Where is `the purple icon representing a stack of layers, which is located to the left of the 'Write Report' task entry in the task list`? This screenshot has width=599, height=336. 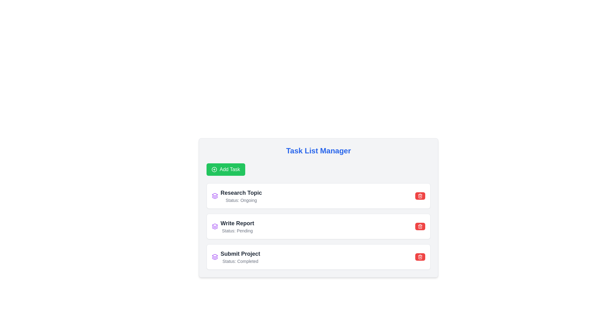
the purple icon representing a stack of layers, which is located to the left of the 'Write Report' task entry in the task list is located at coordinates (215, 226).